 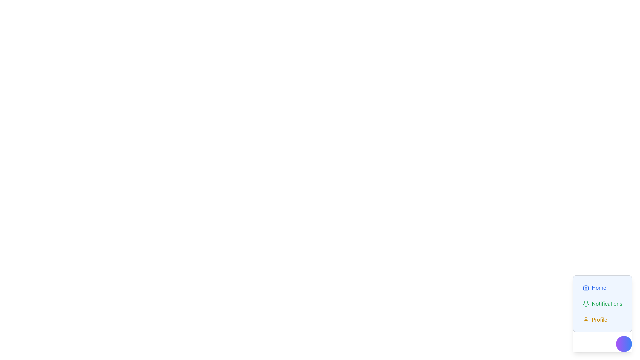 What do you see at coordinates (624, 344) in the screenshot?
I see `the menu icon featuring three horizontal lines embedded within a circular button with a gradient background located at the bottom-right corner of the interface` at bounding box center [624, 344].